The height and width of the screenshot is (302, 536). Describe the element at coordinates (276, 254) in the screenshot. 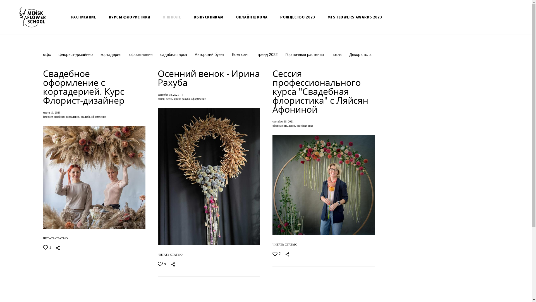

I see `'2'` at that location.